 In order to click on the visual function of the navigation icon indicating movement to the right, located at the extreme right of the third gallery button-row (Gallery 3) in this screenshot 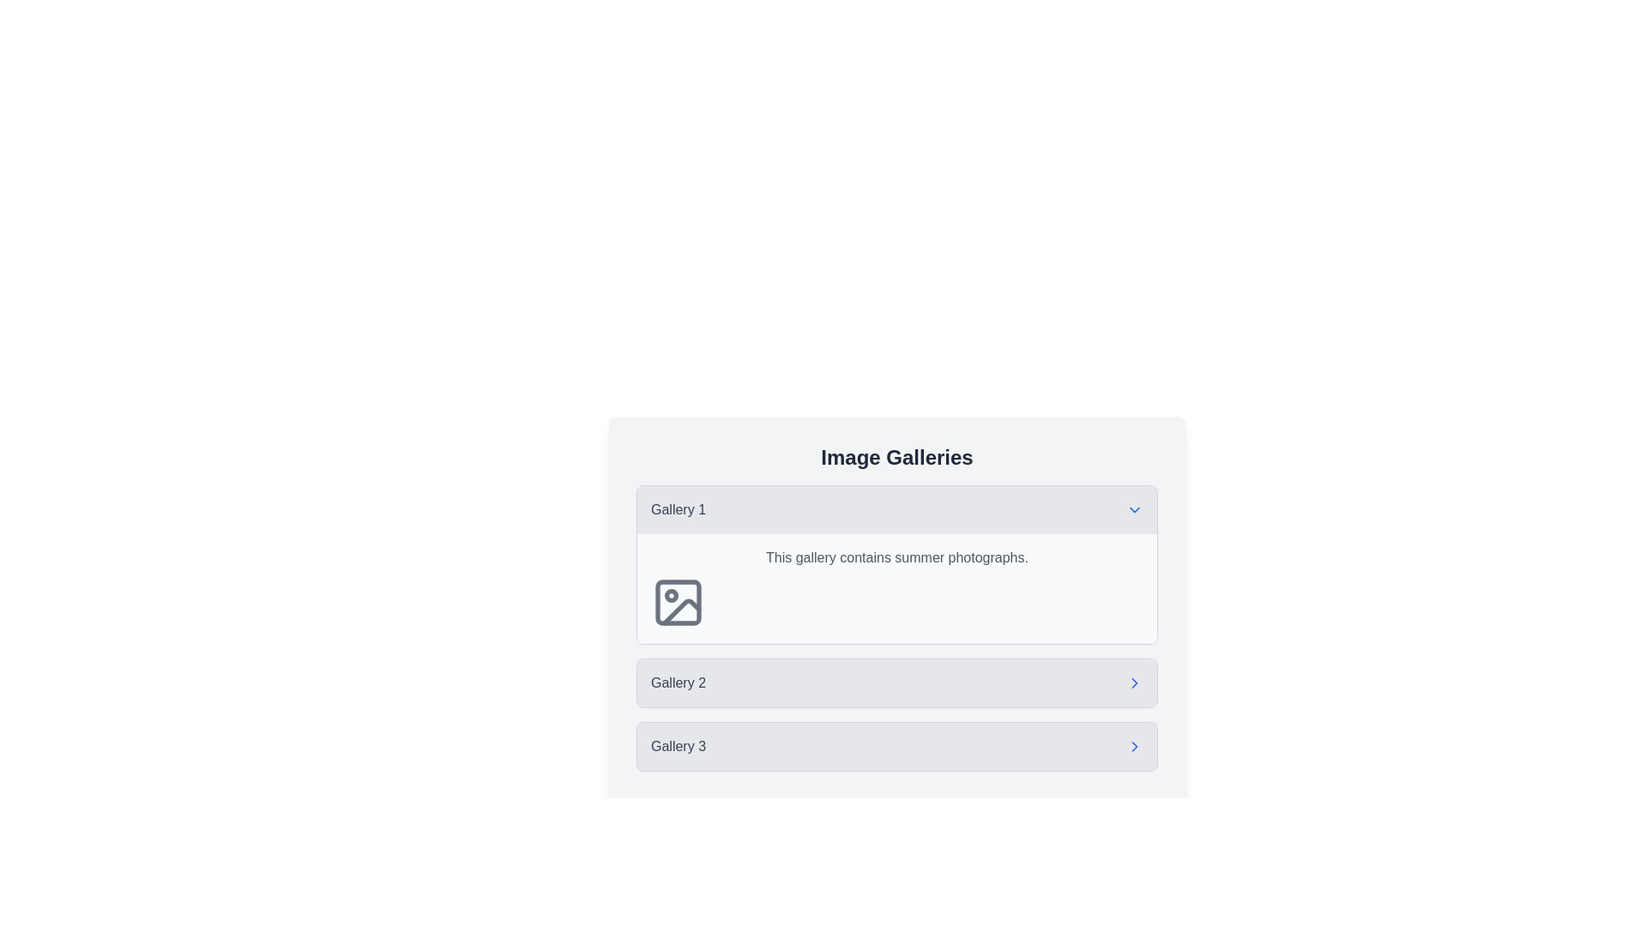, I will do `click(1135, 746)`.